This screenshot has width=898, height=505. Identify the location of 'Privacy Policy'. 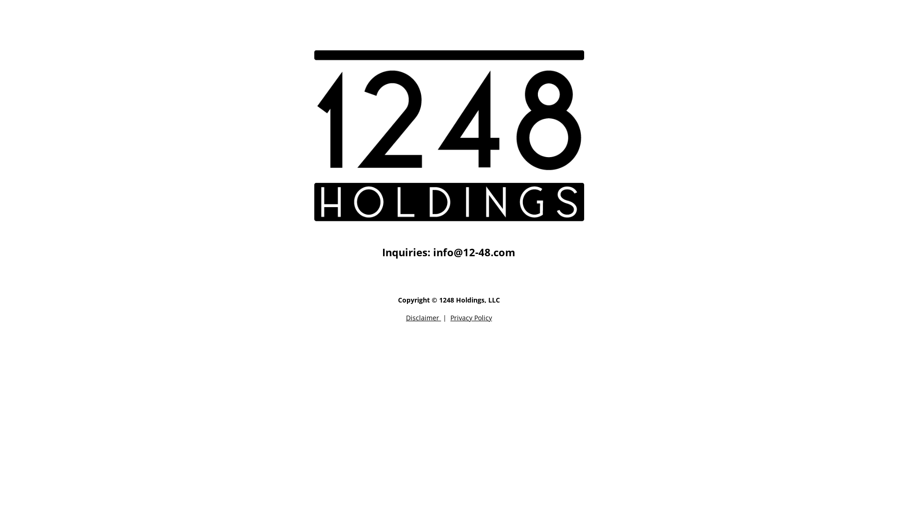
(471, 317).